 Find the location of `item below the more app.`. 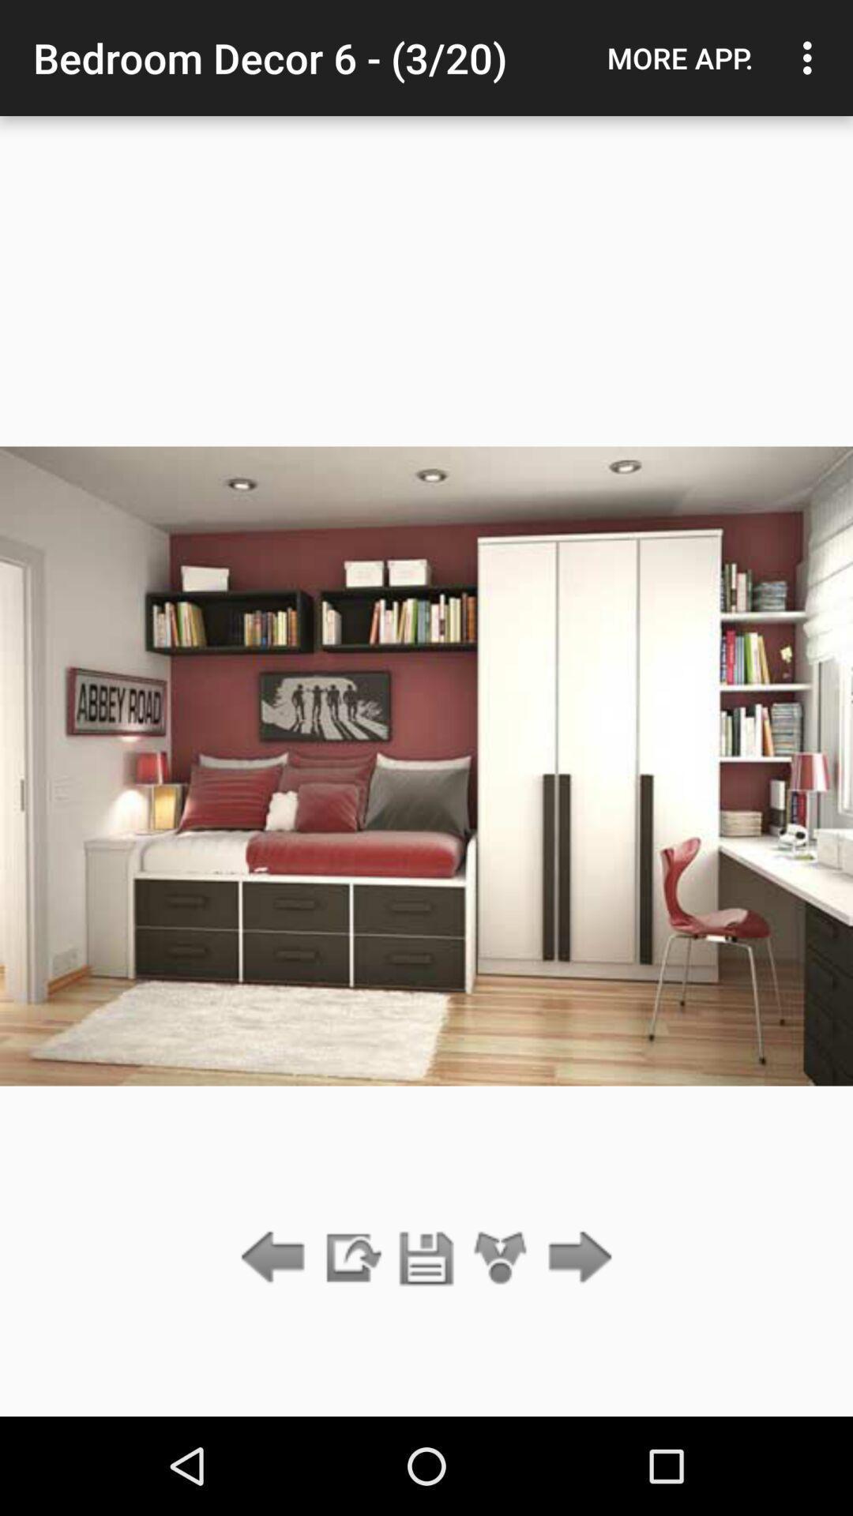

item below the more app. is located at coordinates (576, 1258).